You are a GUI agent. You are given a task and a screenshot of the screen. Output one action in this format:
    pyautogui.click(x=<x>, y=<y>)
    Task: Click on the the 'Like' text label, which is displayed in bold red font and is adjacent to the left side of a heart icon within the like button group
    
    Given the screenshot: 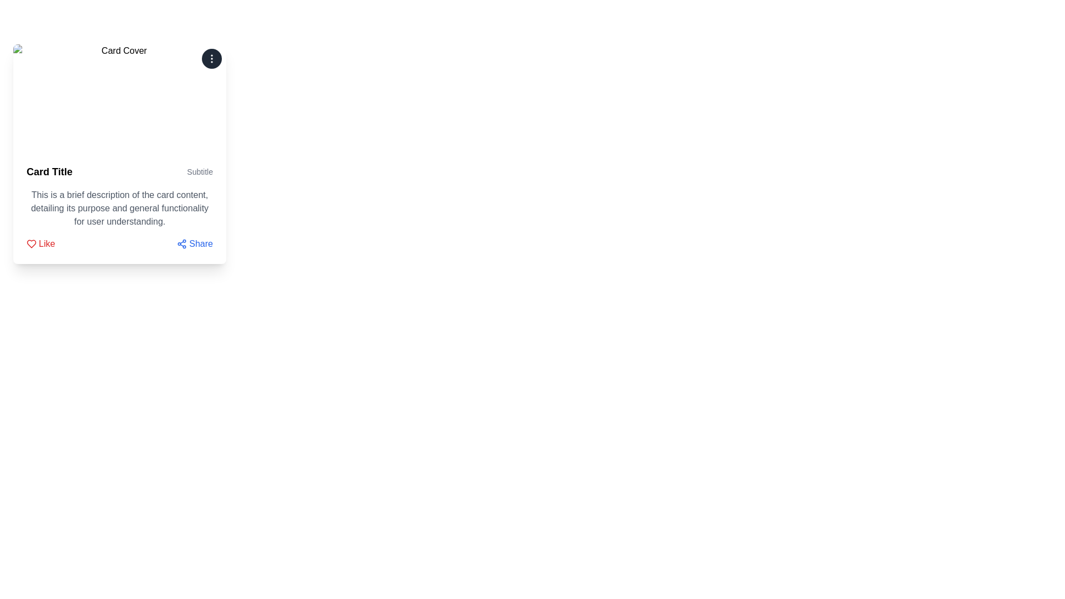 What is the action you would take?
    pyautogui.click(x=46, y=243)
    